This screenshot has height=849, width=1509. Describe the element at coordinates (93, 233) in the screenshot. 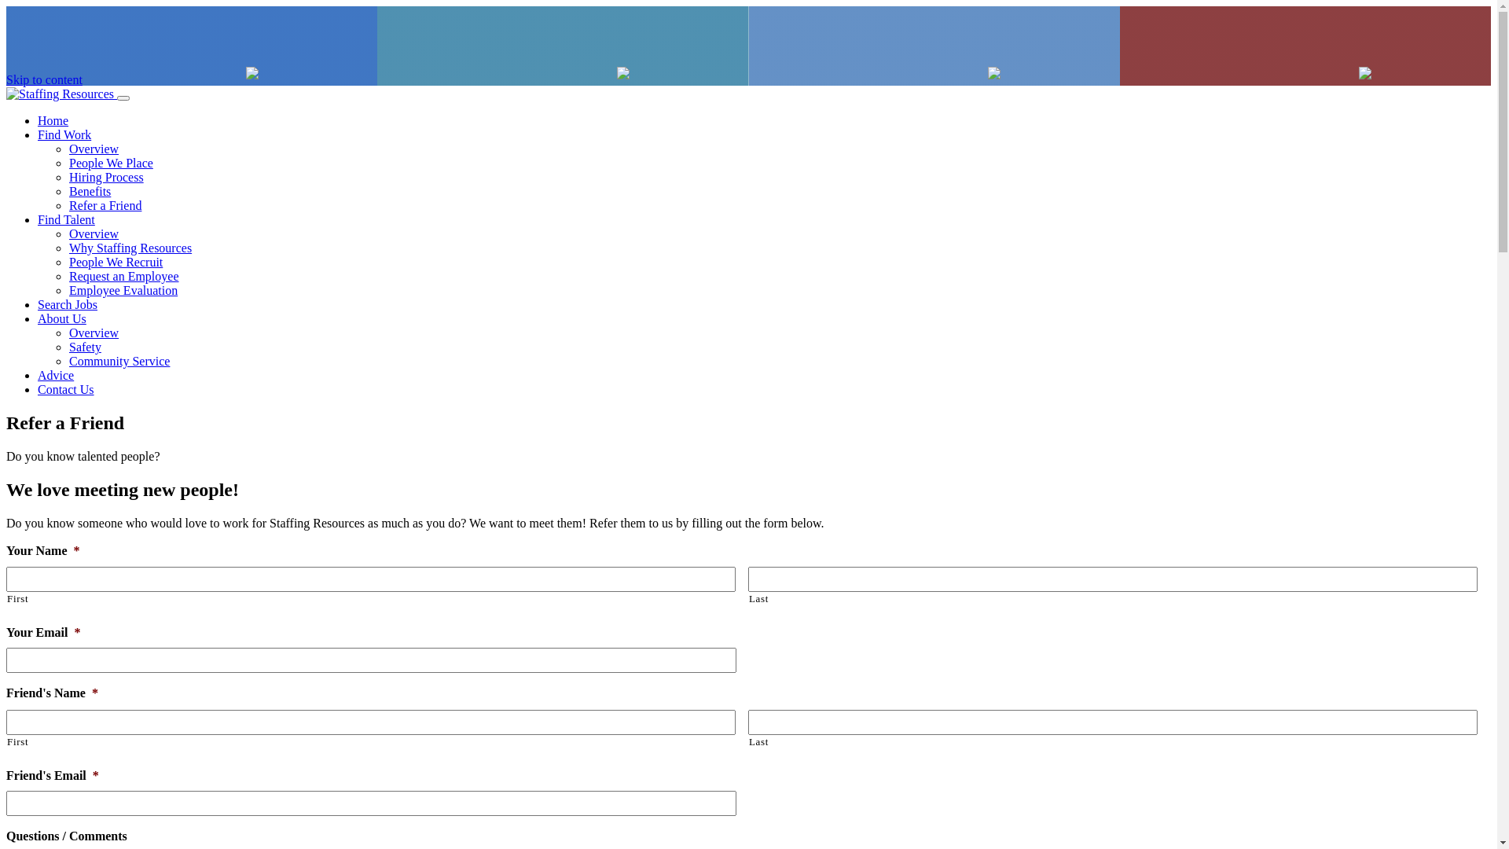

I see `'Overview'` at that location.